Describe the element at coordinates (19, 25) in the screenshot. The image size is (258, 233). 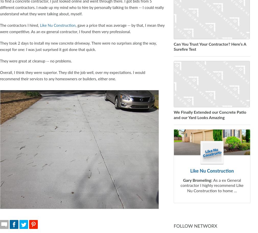
I see `'The contractors I hired,'` at that location.